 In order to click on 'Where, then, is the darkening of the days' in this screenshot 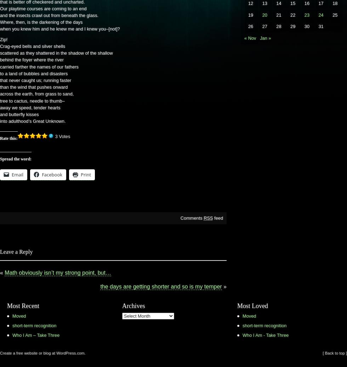, I will do `click(41, 22)`.